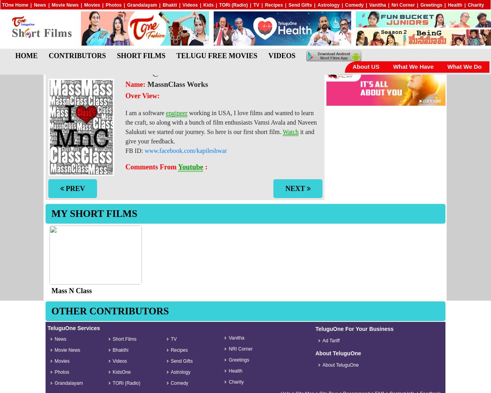  I want to click on 'Astrology', so click(317, 5).